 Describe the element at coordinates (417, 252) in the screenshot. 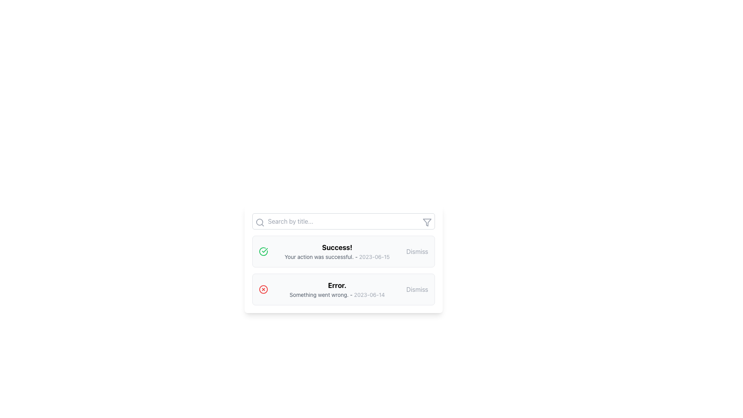

I see `the 'Dismiss' button located at the far right of the notification card` at that location.